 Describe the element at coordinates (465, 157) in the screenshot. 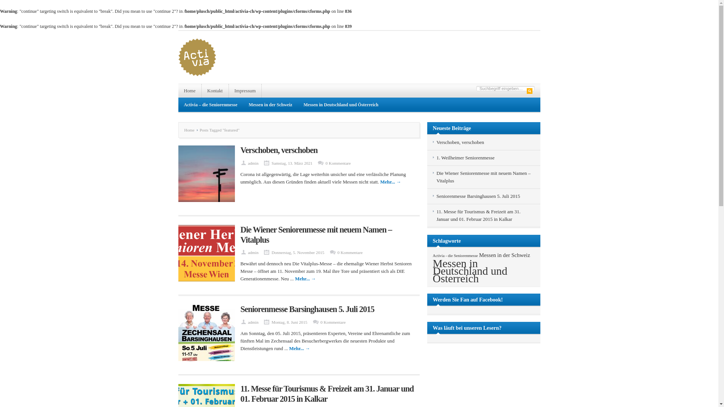

I see `'1. Weilheimer Seniorenmesse'` at that location.